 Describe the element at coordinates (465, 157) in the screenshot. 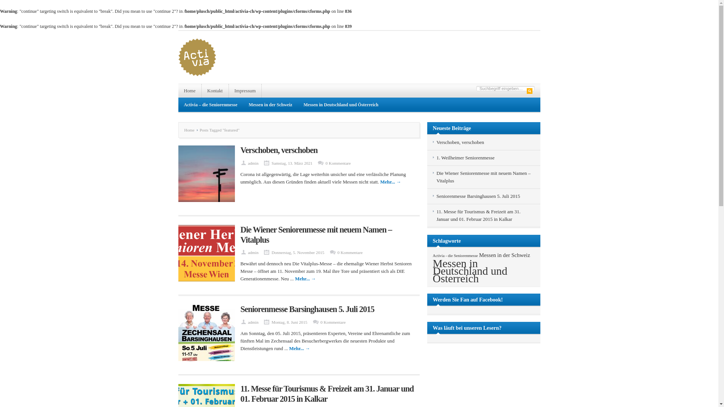

I see `'1. Weilheimer Seniorenmesse'` at that location.